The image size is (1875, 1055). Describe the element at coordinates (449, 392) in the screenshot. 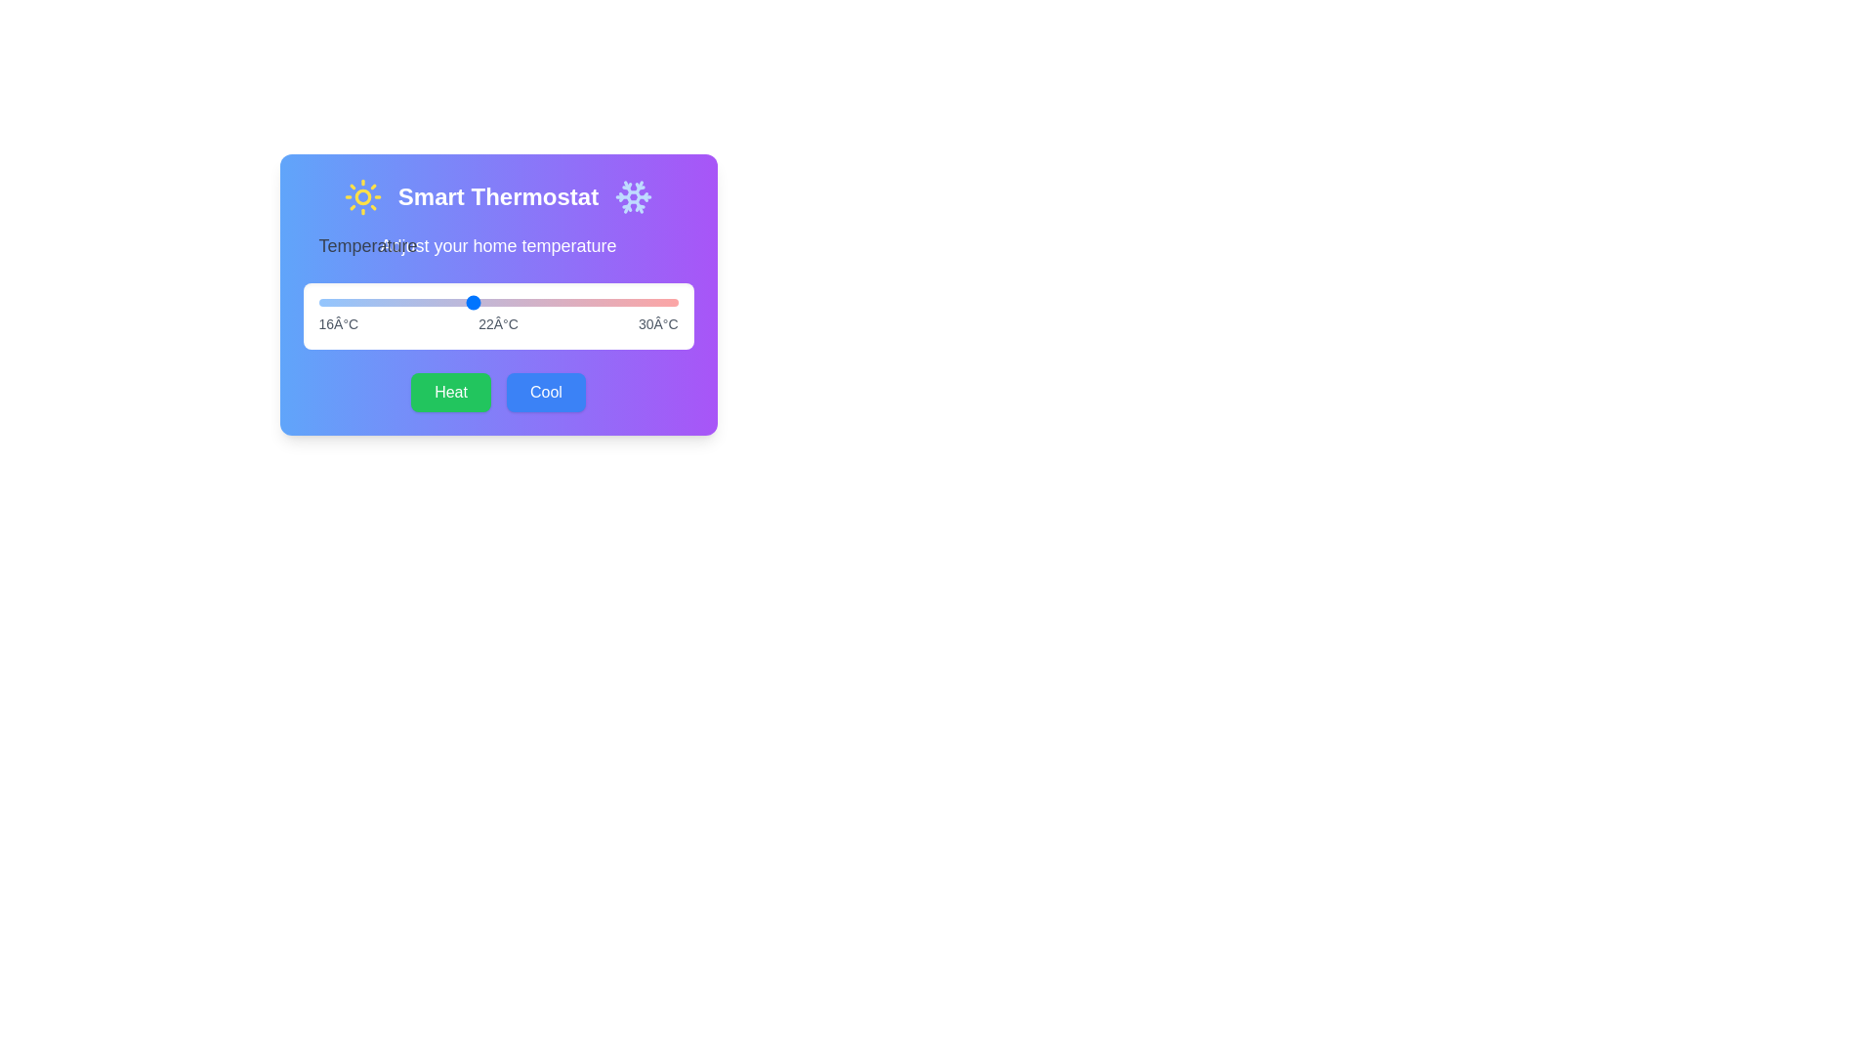

I see `the 'Heat' button` at that location.